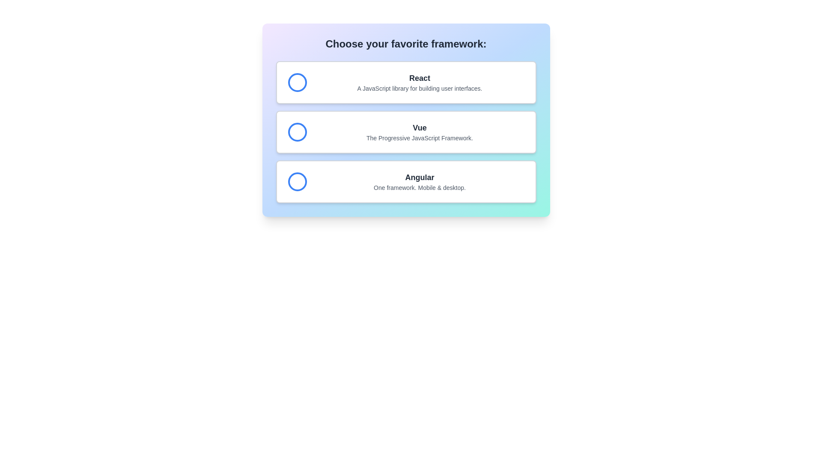 The width and height of the screenshot is (822, 462). I want to click on the descriptive text element that provides details about the Vue framework, located directly below the header 'Vue', so click(420, 138).